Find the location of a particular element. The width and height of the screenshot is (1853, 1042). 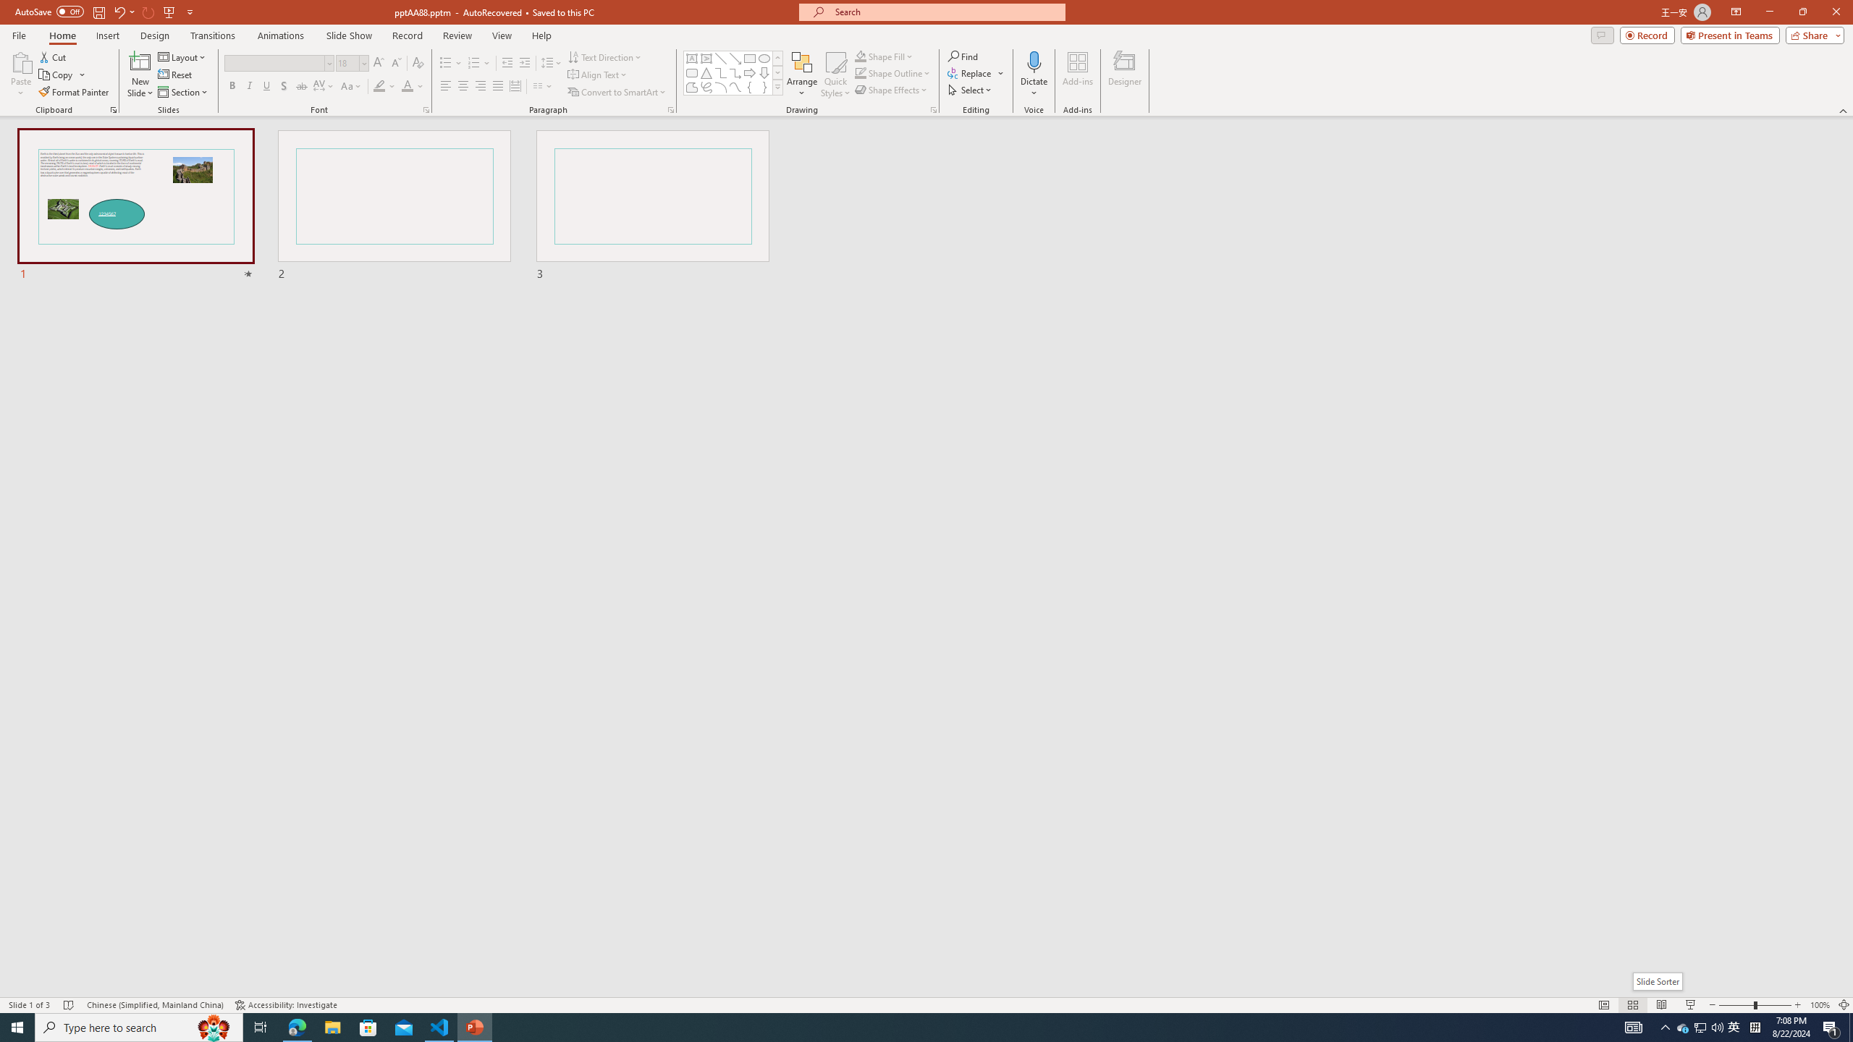

'Share' is located at coordinates (1811, 34).